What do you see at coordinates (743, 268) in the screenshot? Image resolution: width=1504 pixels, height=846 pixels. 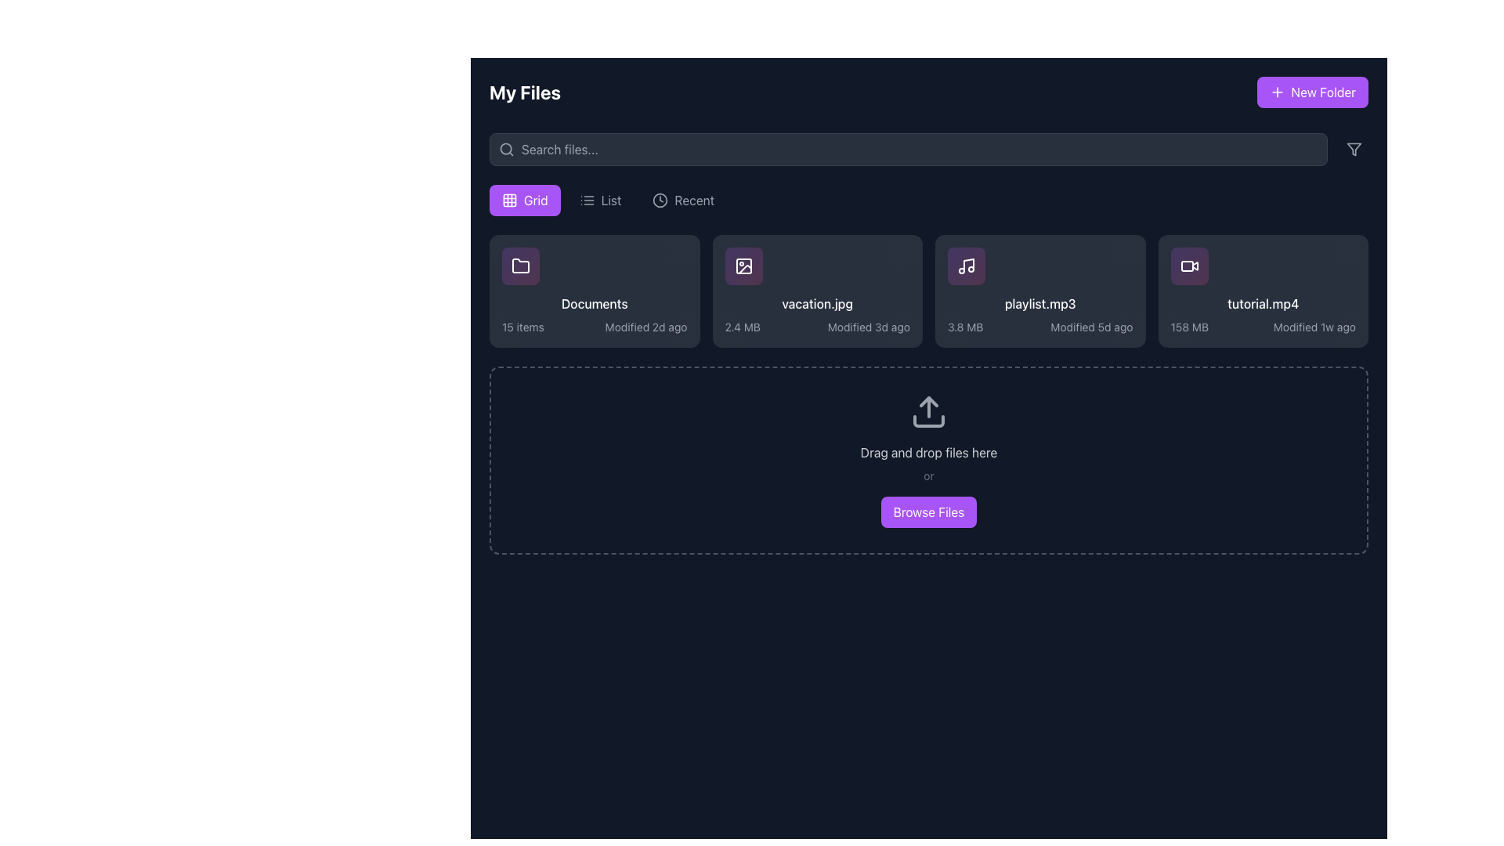 I see `the mountain outline icon representing image or photography located in the second item group of the interface` at bounding box center [743, 268].